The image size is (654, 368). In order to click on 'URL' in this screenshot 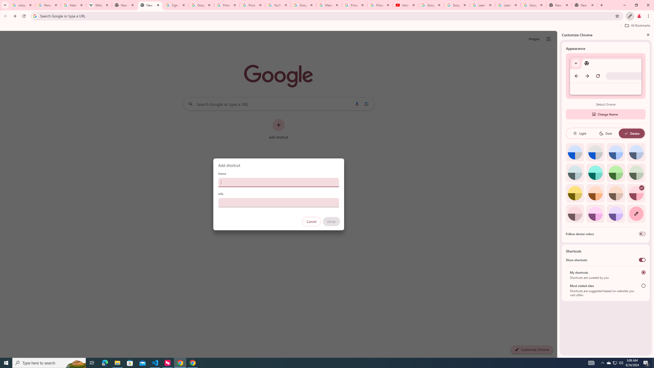, I will do `click(278, 202)`.